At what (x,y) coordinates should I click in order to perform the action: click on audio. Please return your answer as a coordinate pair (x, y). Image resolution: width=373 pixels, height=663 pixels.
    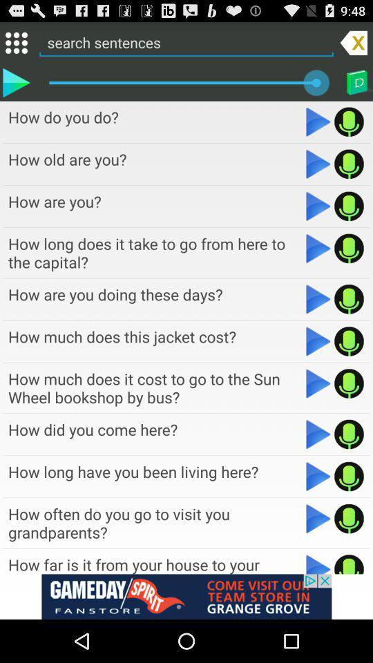
    Looking at the image, I should click on (318, 383).